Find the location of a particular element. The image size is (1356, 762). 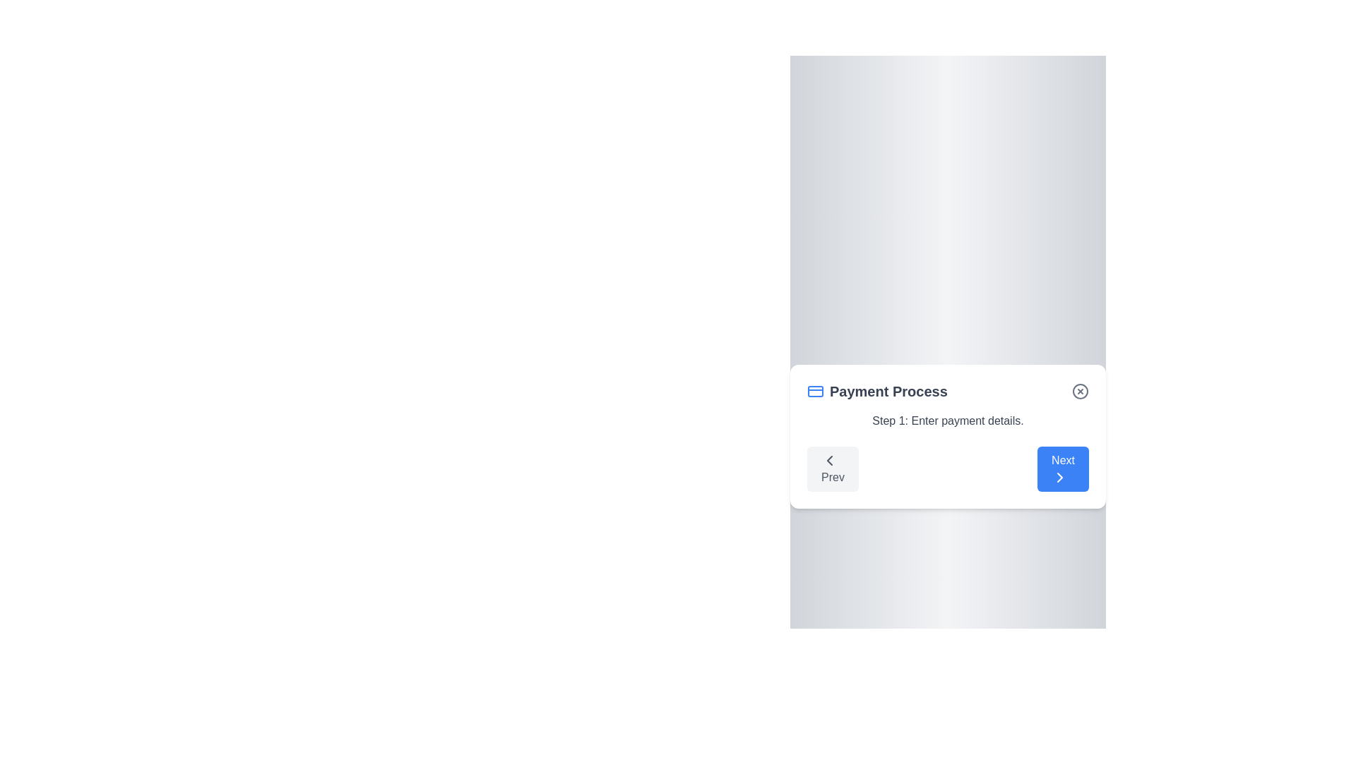

the chevron icon within the blue 'Next' button located at the bottom right of the modal to proceed is located at coordinates (1060, 477).